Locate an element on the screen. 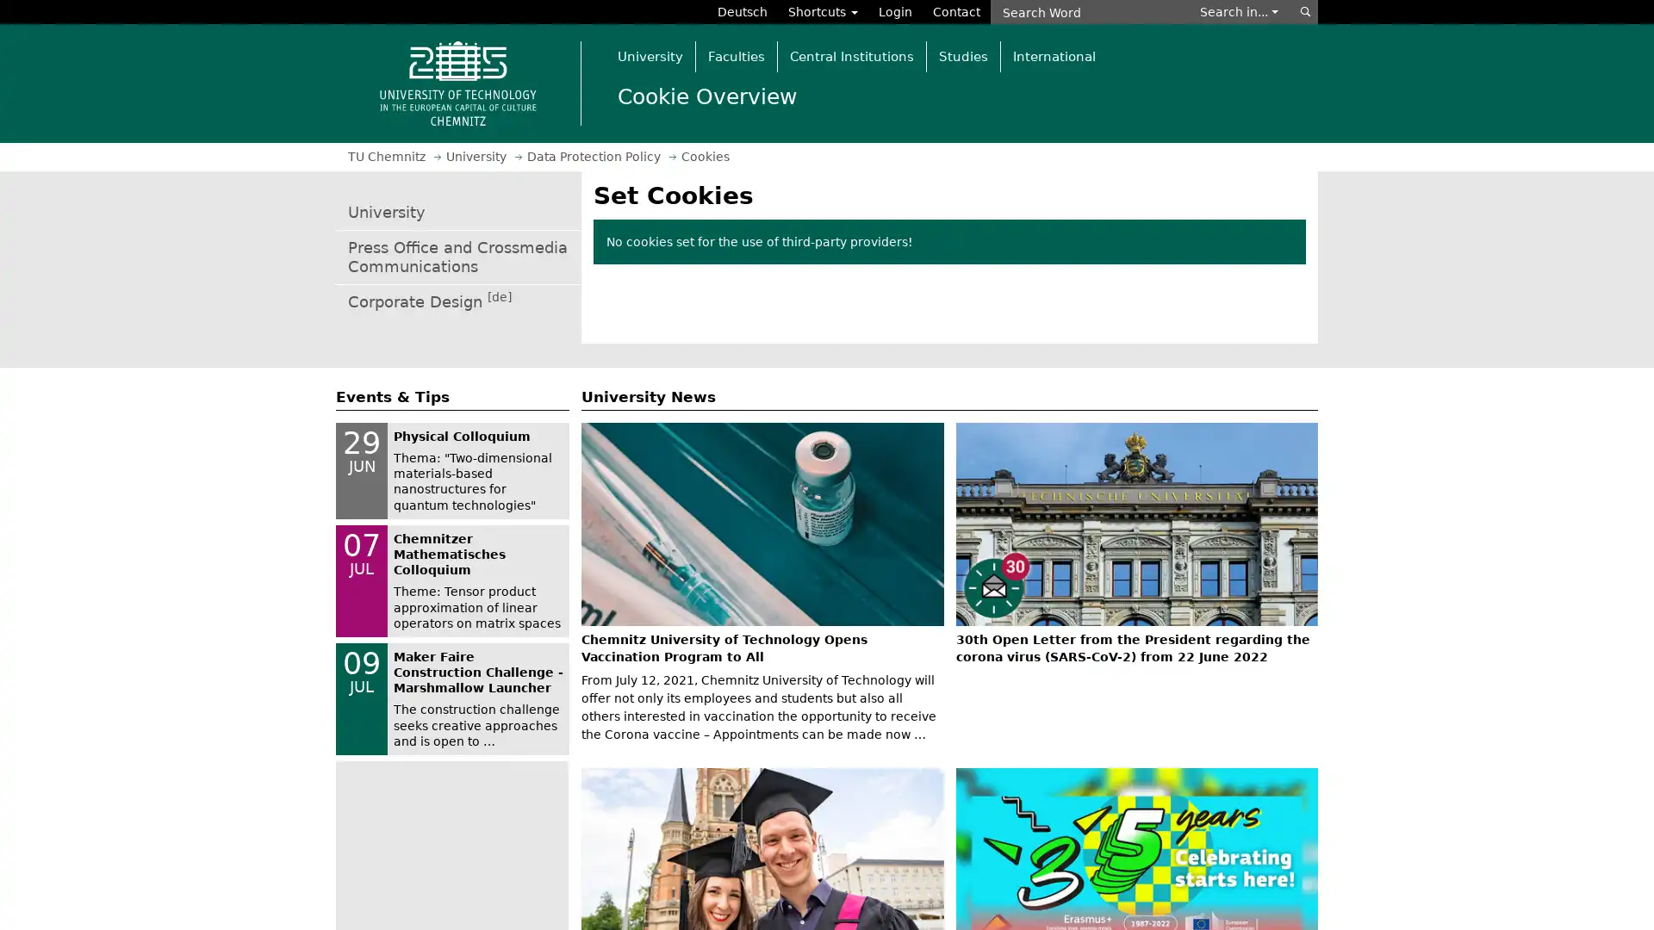  International is located at coordinates (1053, 55).